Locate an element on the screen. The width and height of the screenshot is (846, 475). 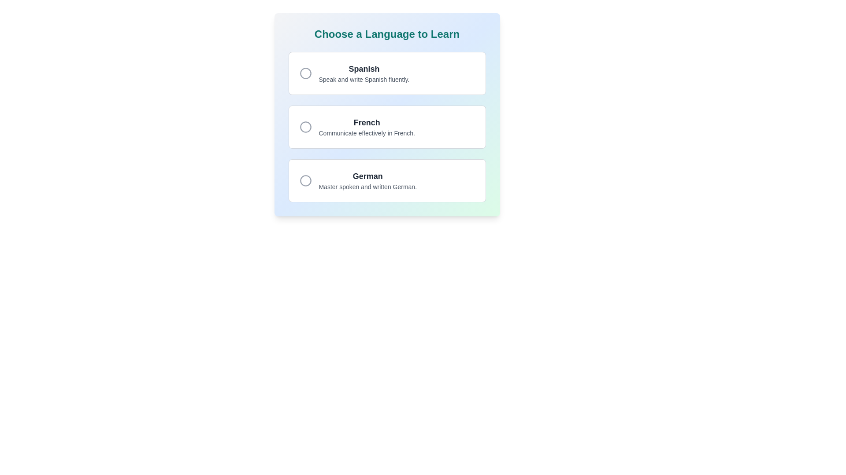
the static text label displaying 'German', which is located in the third card from the top, centered horizontally below the 'French' card is located at coordinates (367, 176).